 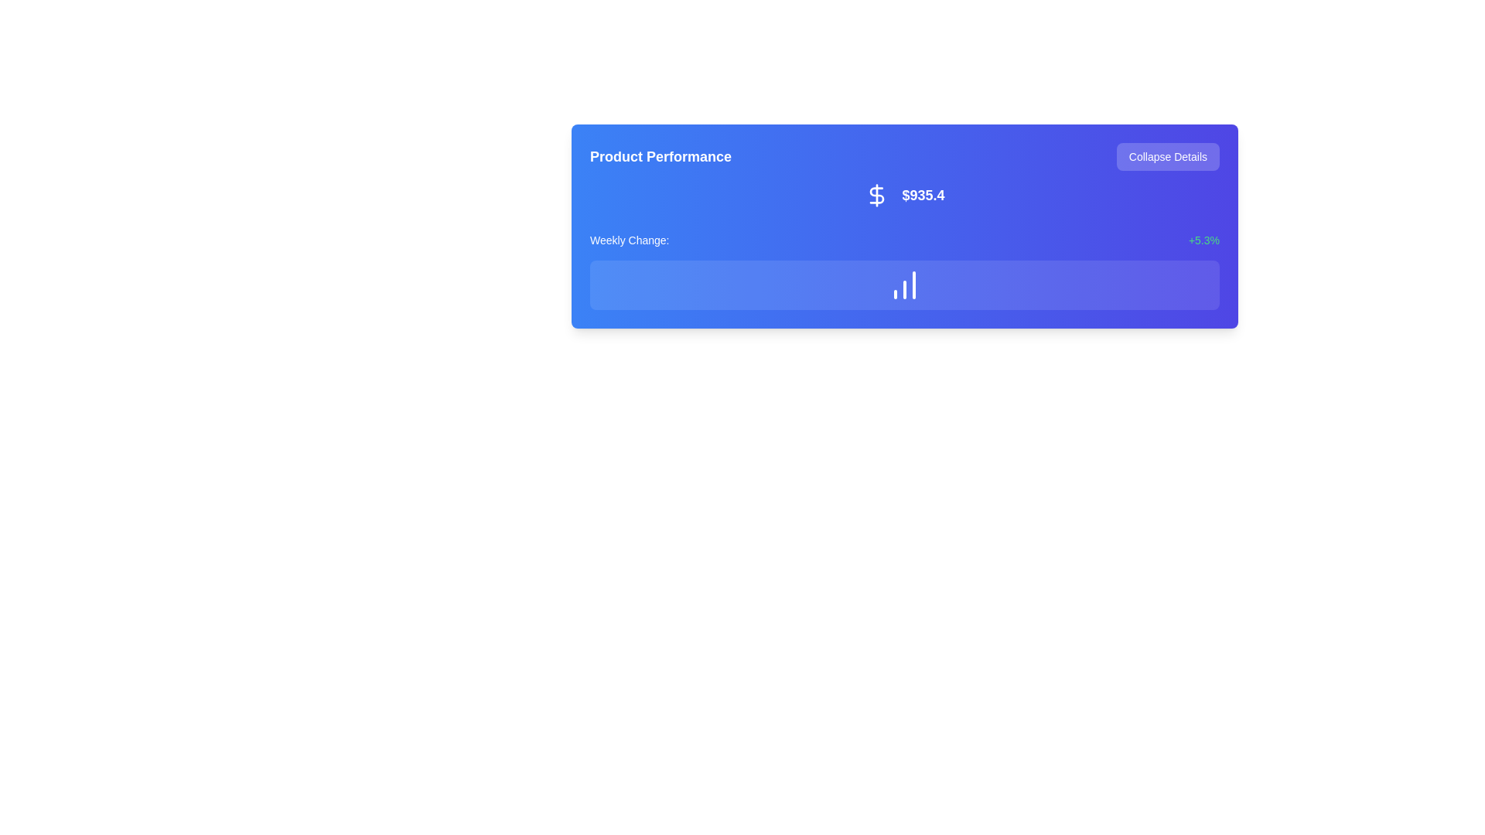 I want to click on the informational label displaying the monetary value, which is located to the right of the 'Product Performance' heading and above the 'Weekly Change' label, so click(x=905, y=195).